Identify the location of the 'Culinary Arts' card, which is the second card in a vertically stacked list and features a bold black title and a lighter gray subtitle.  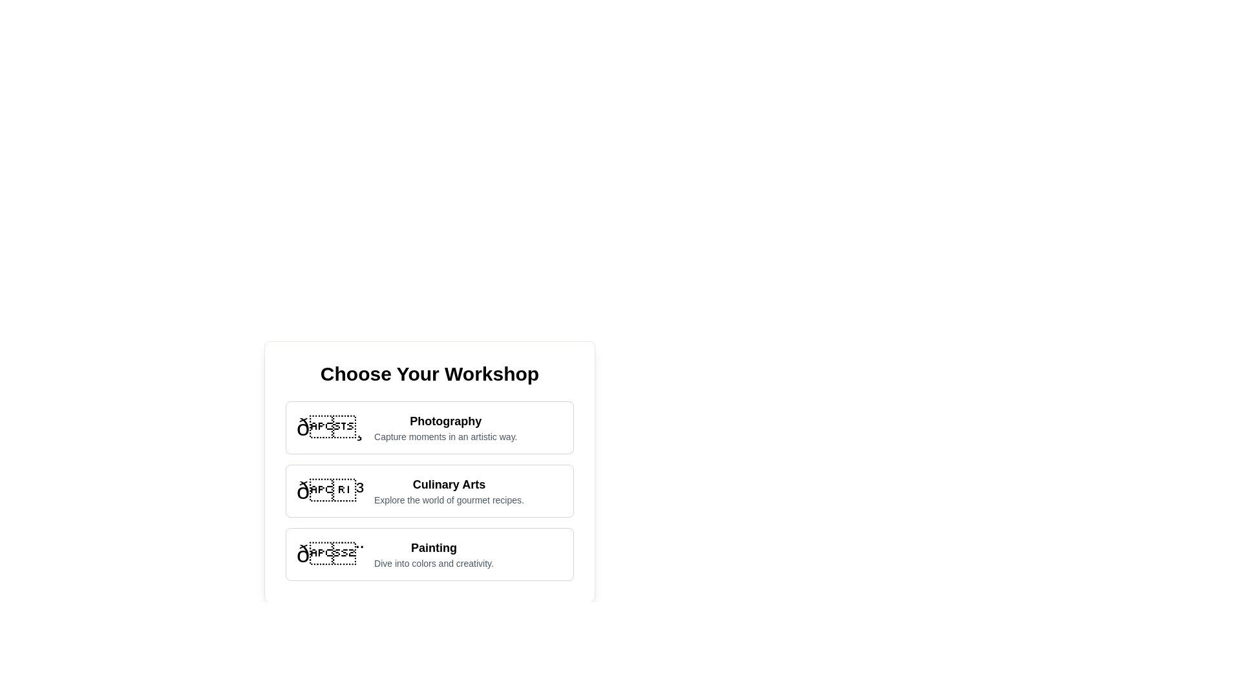
(430, 491).